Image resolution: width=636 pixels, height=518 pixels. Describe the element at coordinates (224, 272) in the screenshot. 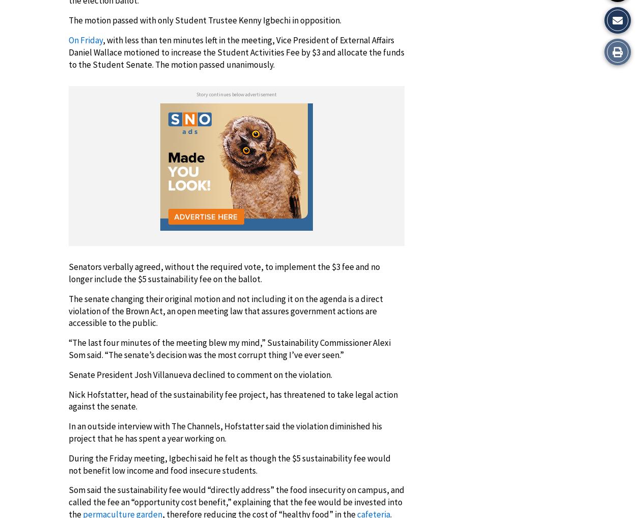

I see `'Senators verbally agreed, without the required vote, to implement the $3 fee and no longer include the $5 sustainability fee on the ballot.'` at that location.